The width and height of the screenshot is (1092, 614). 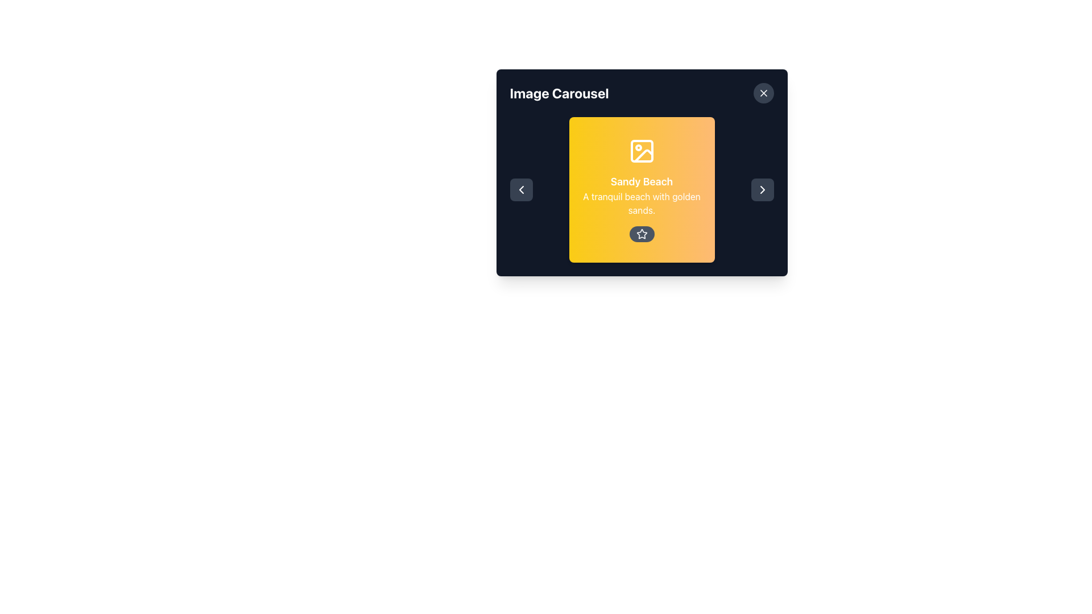 What do you see at coordinates (642, 173) in the screenshot?
I see `the gradient card in the interactive image carousel titled 'Image Carousel'` at bounding box center [642, 173].